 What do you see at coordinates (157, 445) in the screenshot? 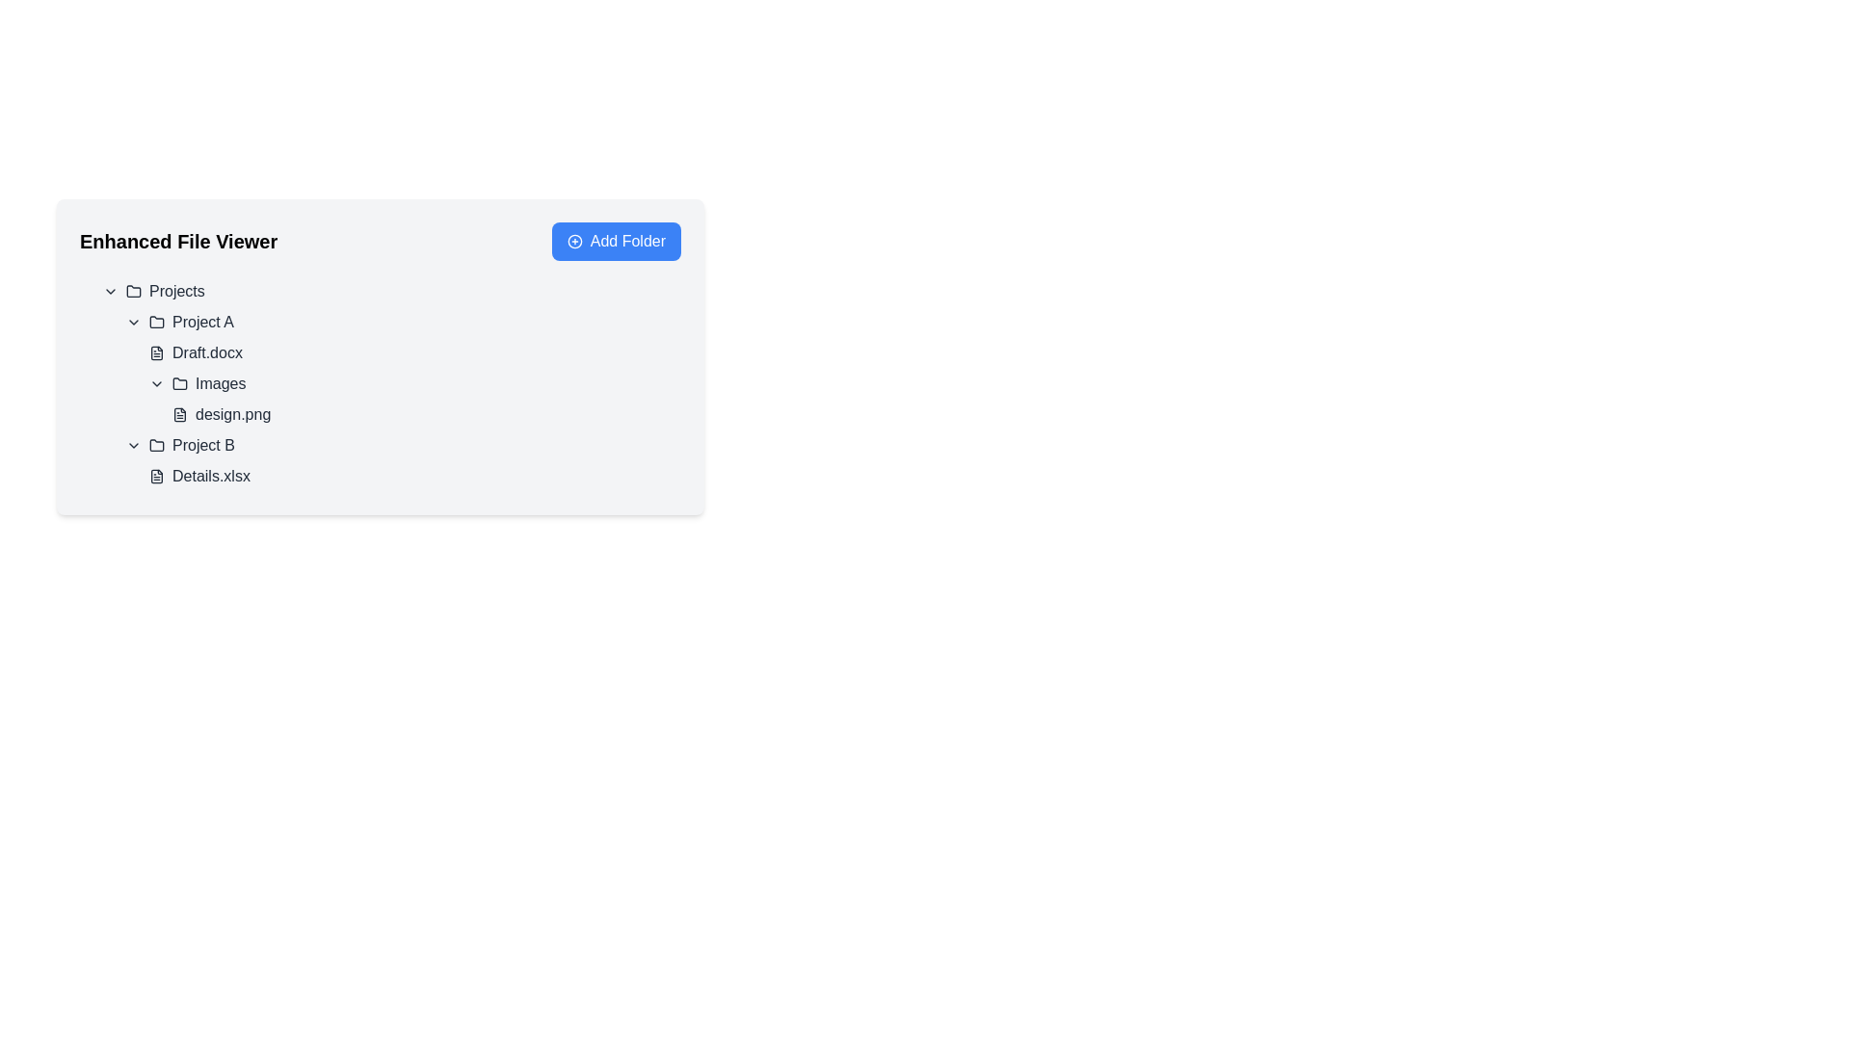
I see `the folder icon located under 'Project B' in the file viewer, which is the first icon associated with that label` at bounding box center [157, 445].